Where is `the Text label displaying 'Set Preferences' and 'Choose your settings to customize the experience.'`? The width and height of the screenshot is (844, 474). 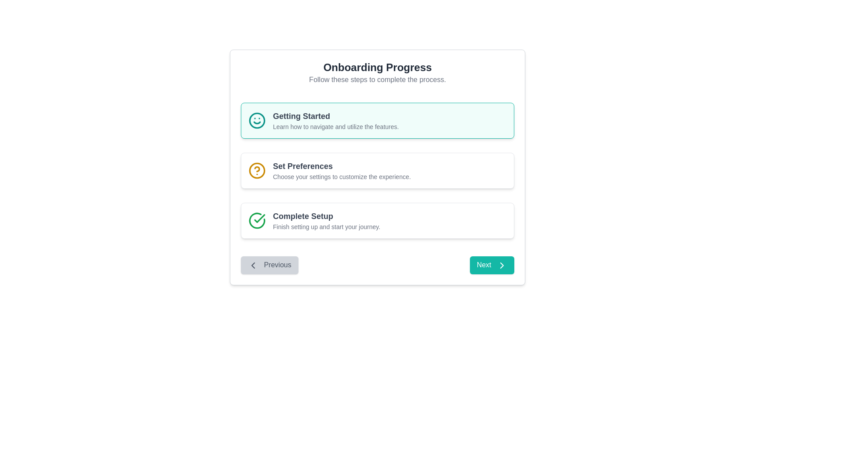 the Text label displaying 'Set Preferences' and 'Choose your settings to customize the experience.' is located at coordinates (341, 171).